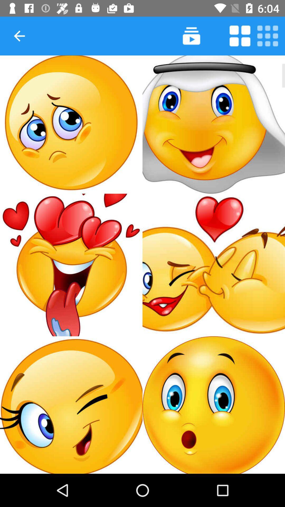  What do you see at coordinates (214, 405) in the screenshot?
I see `surprised emoji image` at bounding box center [214, 405].